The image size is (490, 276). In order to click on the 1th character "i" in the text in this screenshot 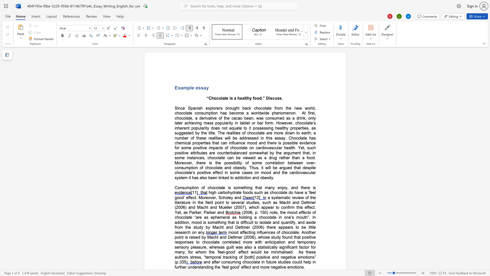, I will do `click(189, 177)`.